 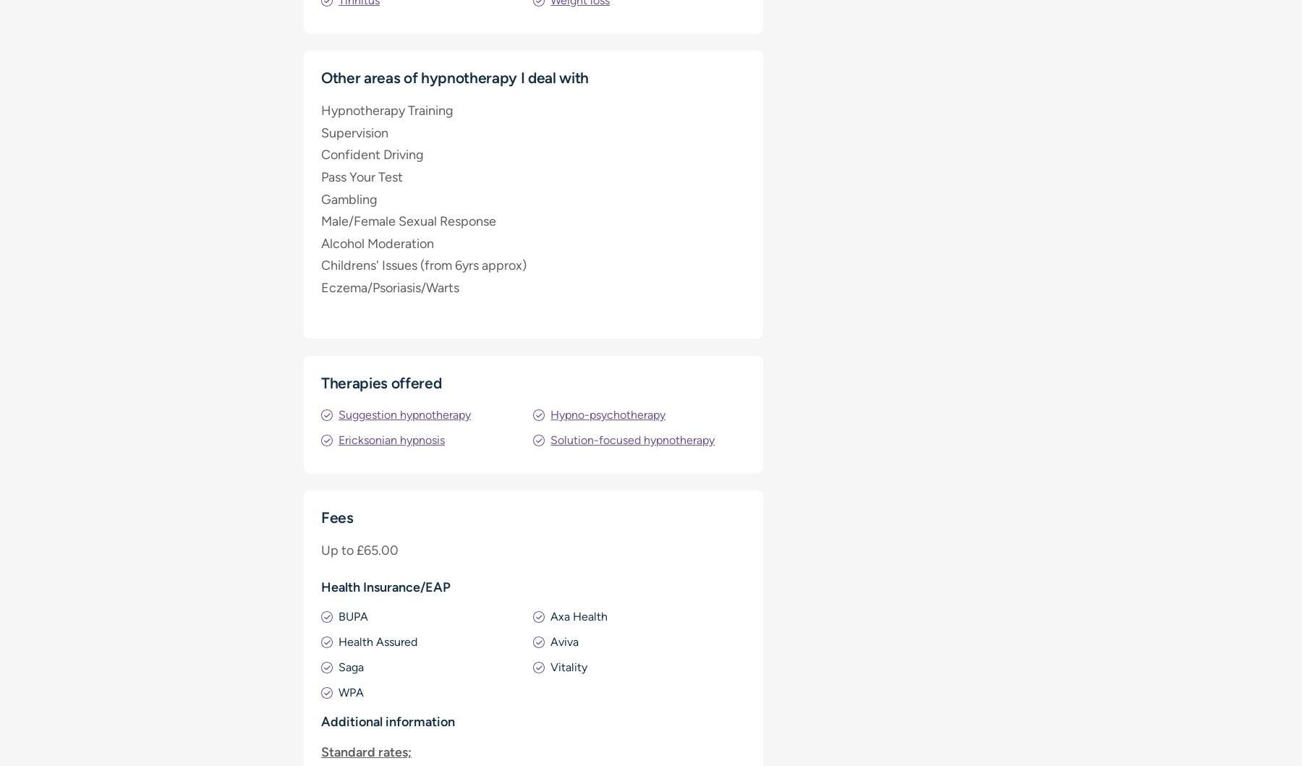 I want to click on 'Therapies offered', so click(x=380, y=383).